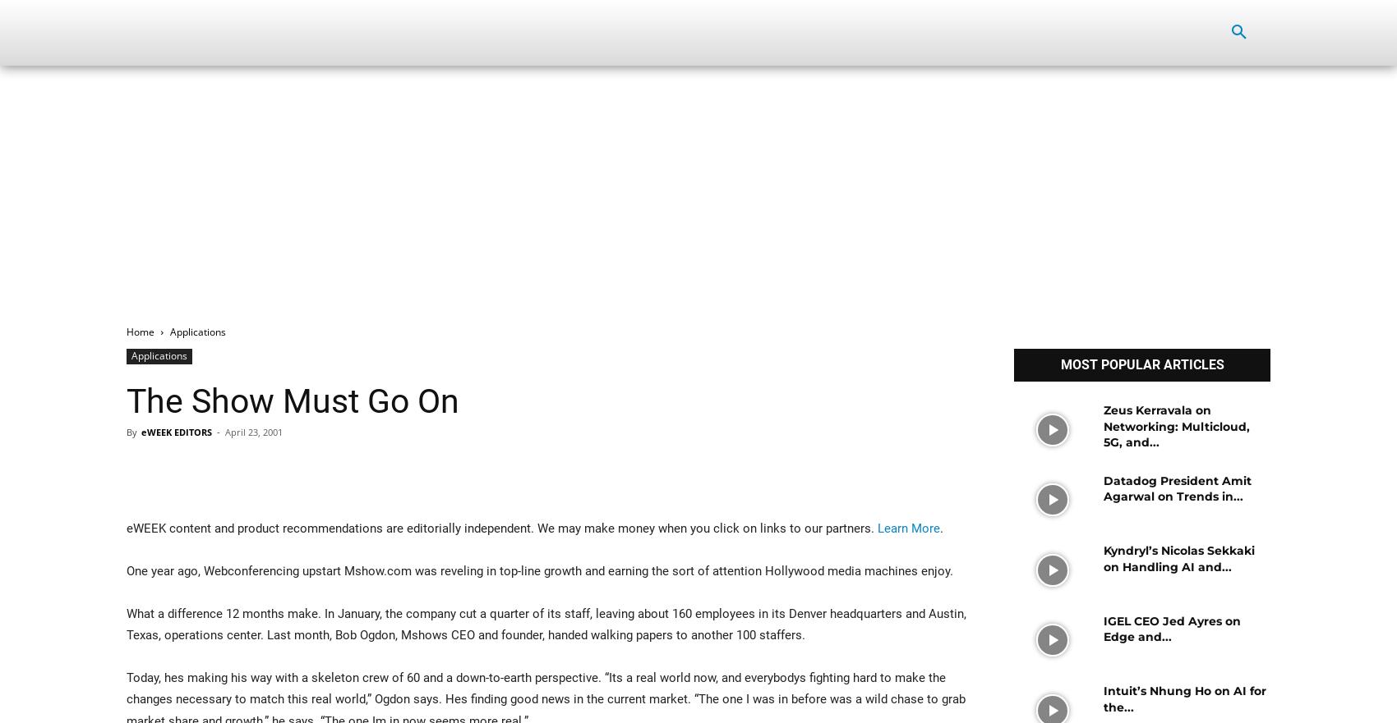 Image resolution: width=1397 pixels, height=723 pixels. I want to click on 'Zeus Kerravala on Networking: Multicloud, 5G, and...', so click(1102, 426).